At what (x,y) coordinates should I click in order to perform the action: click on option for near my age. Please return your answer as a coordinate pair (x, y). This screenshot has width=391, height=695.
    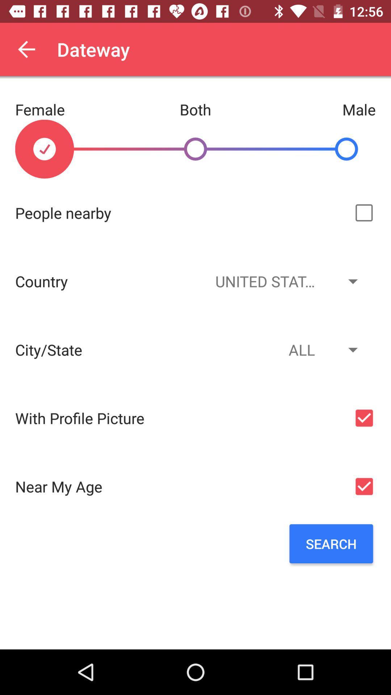
    Looking at the image, I should click on (364, 486).